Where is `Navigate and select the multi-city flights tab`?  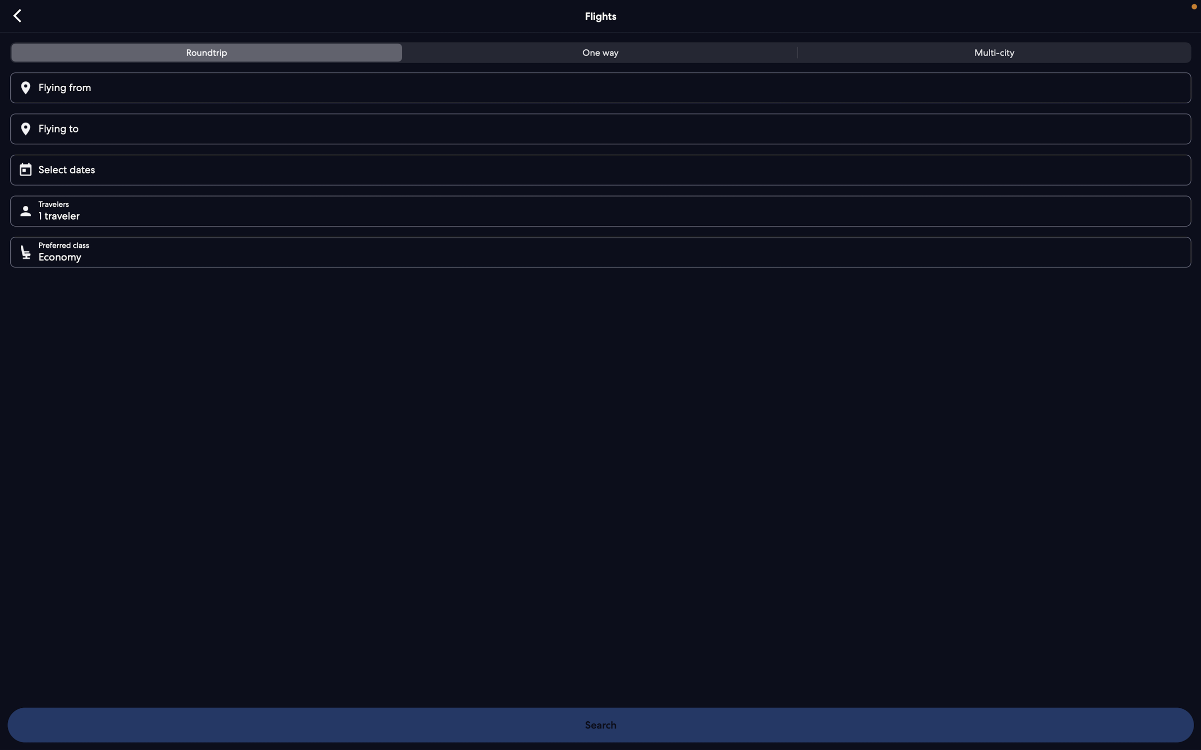 Navigate and select the multi-city flights tab is located at coordinates (991, 54).